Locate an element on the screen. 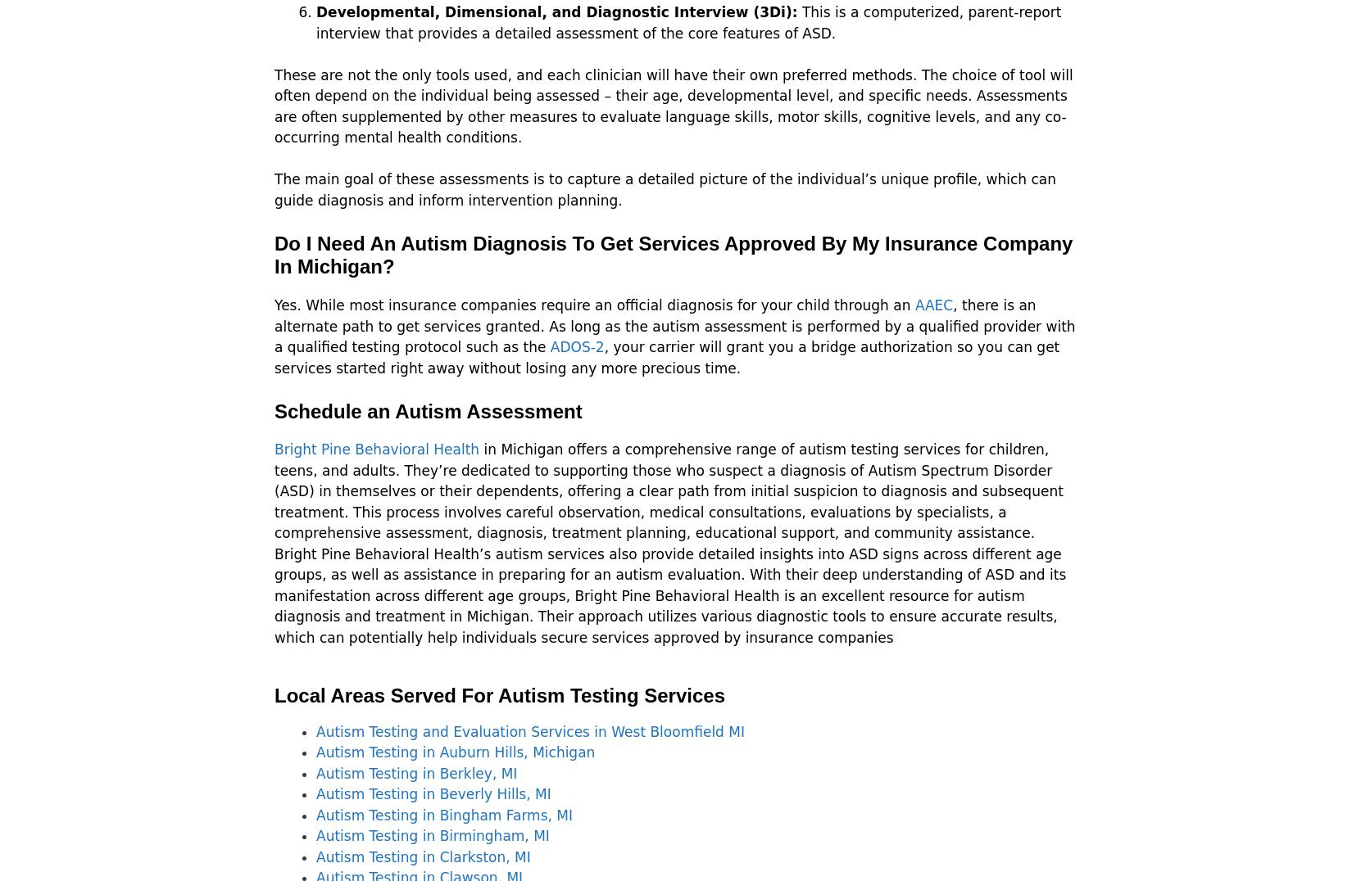 The width and height of the screenshot is (1352, 881). 'Autism Testing in Beverly Hills, MI' is located at coordinates (432, 794).